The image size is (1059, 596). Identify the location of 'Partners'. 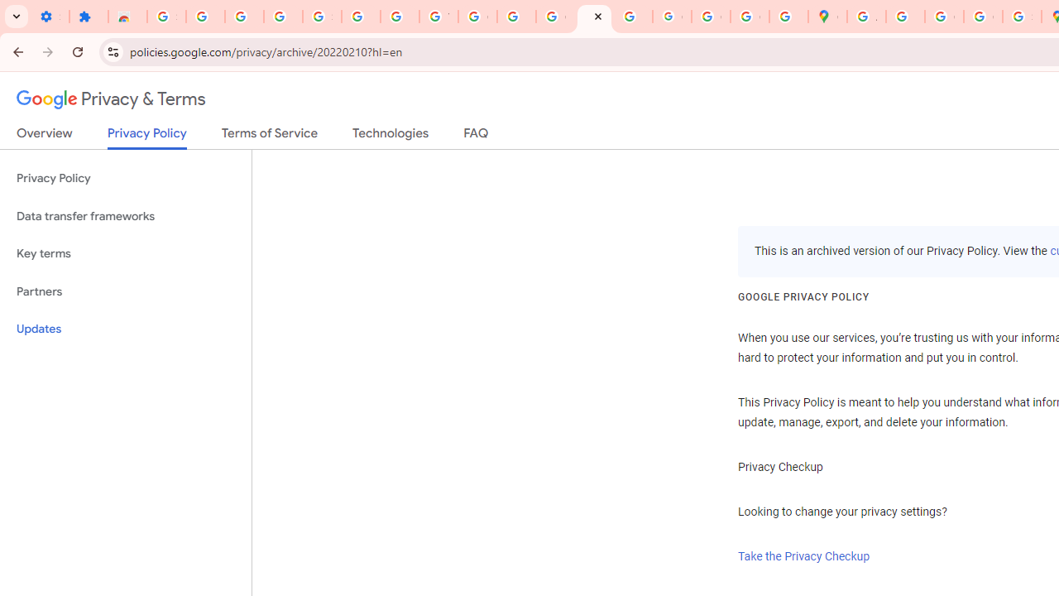
(125, 291).